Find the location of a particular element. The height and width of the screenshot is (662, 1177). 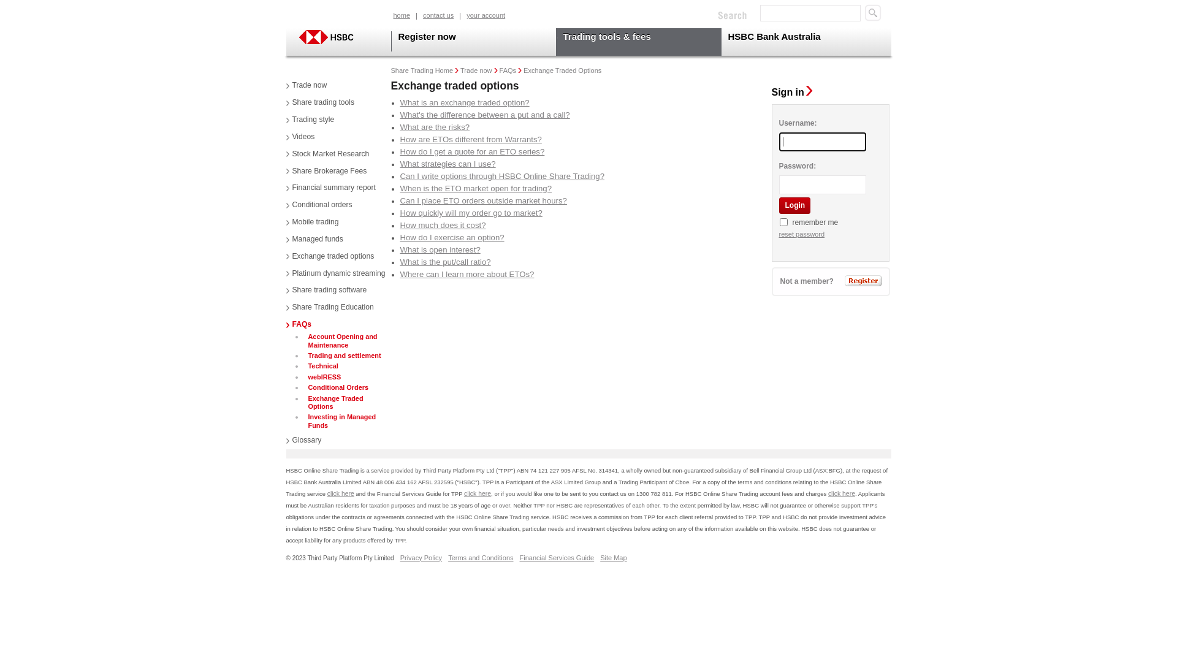

'Conditional Orders' is located at coordinates (305, 387).